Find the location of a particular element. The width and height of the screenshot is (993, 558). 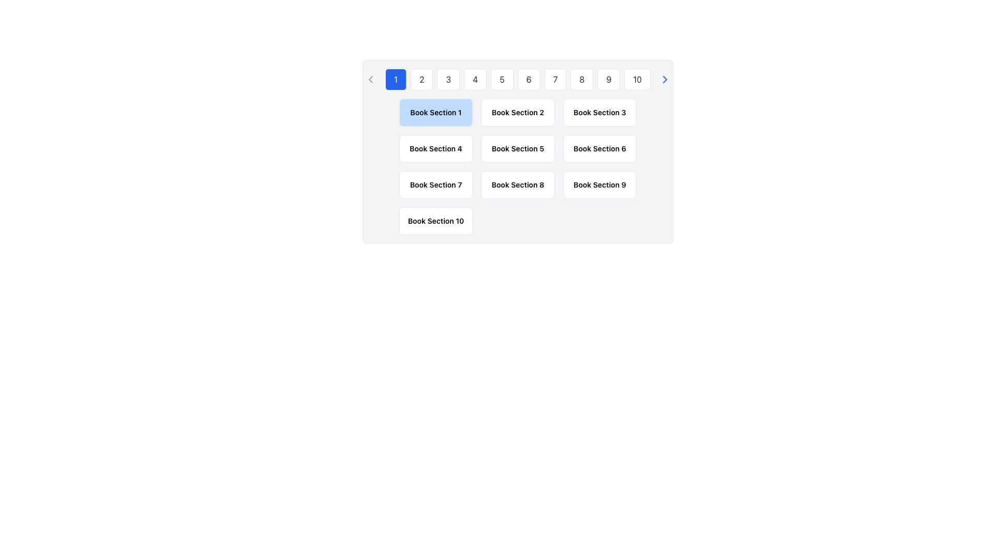

the button labeled '3', which has a white background, gray text, and a black border is located at coordinates (448, 79).